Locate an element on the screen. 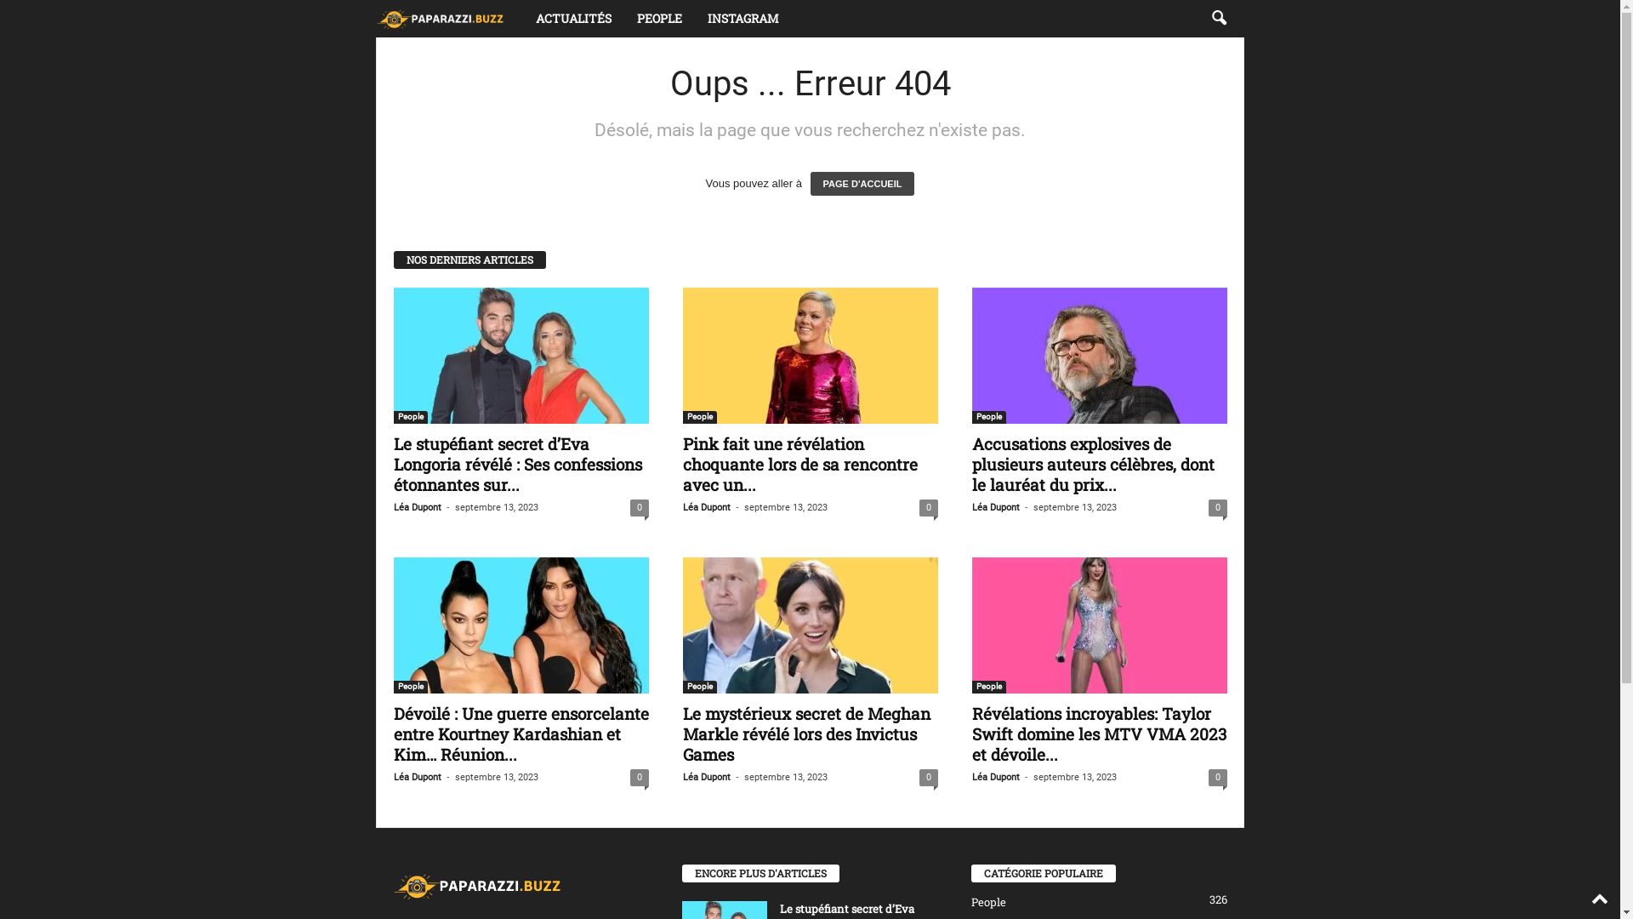 The height and width of the screenshot is (919, 1633). 'INSTAGRAM' is located at coordinates (694, 19).